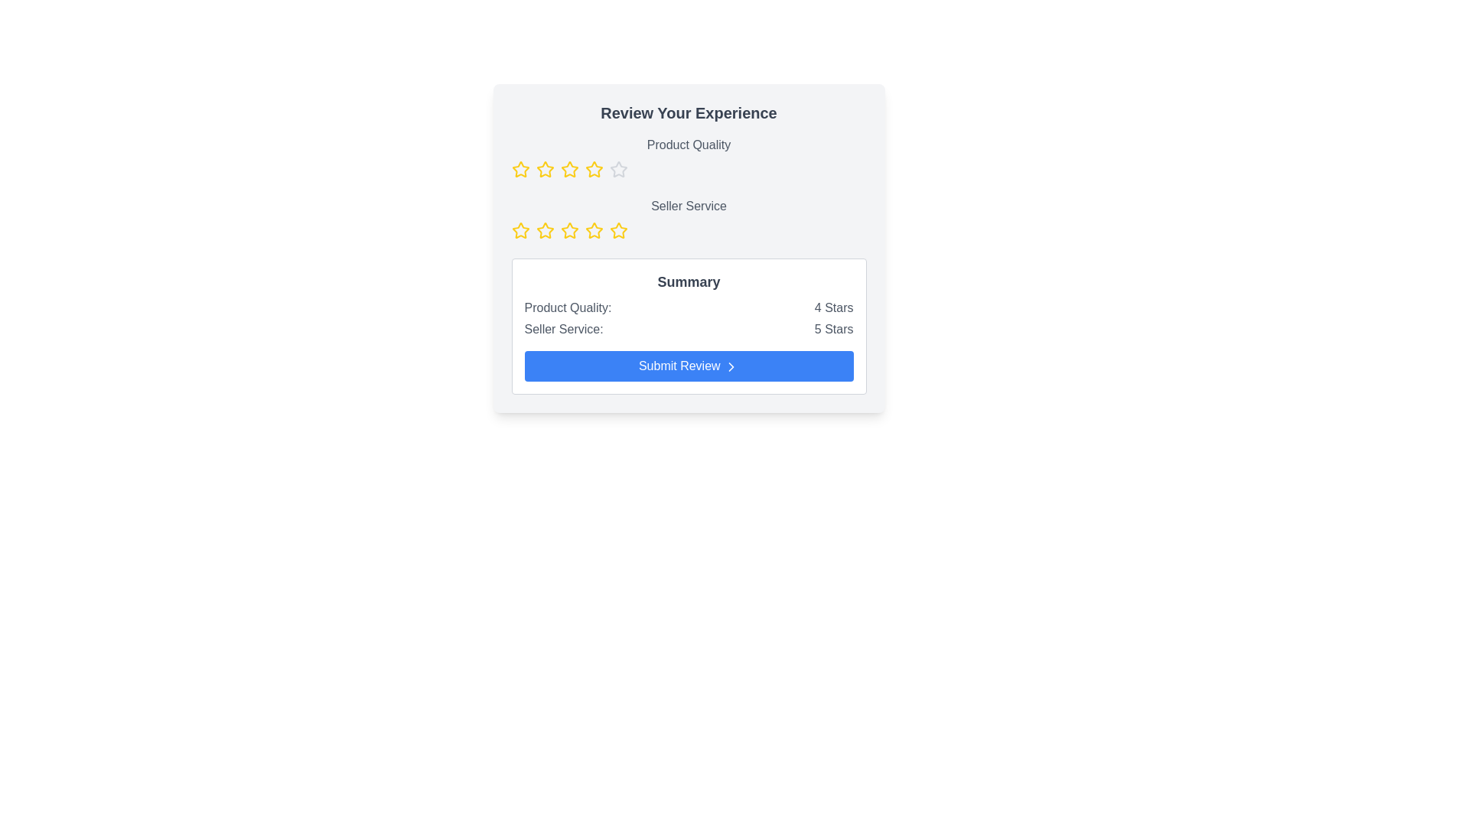 The image size is (1469, 826). What do you see at coordinates (568, 170) in the screenshot?
I see `the fourth star in the horizontal arrangement of five stars` at bounding box center [568, 170].